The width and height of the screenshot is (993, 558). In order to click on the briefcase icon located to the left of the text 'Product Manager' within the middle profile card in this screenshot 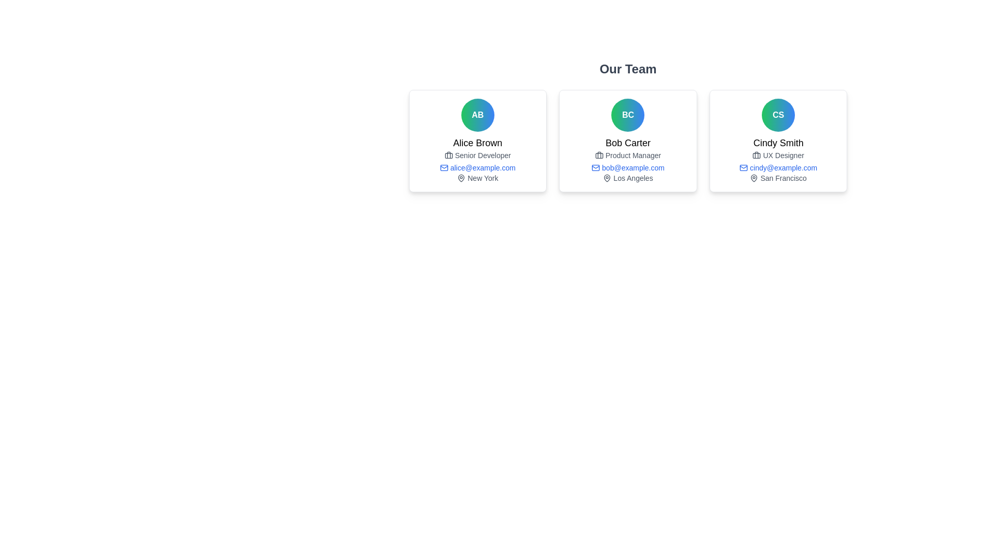, I will do `click(599, 155)`.